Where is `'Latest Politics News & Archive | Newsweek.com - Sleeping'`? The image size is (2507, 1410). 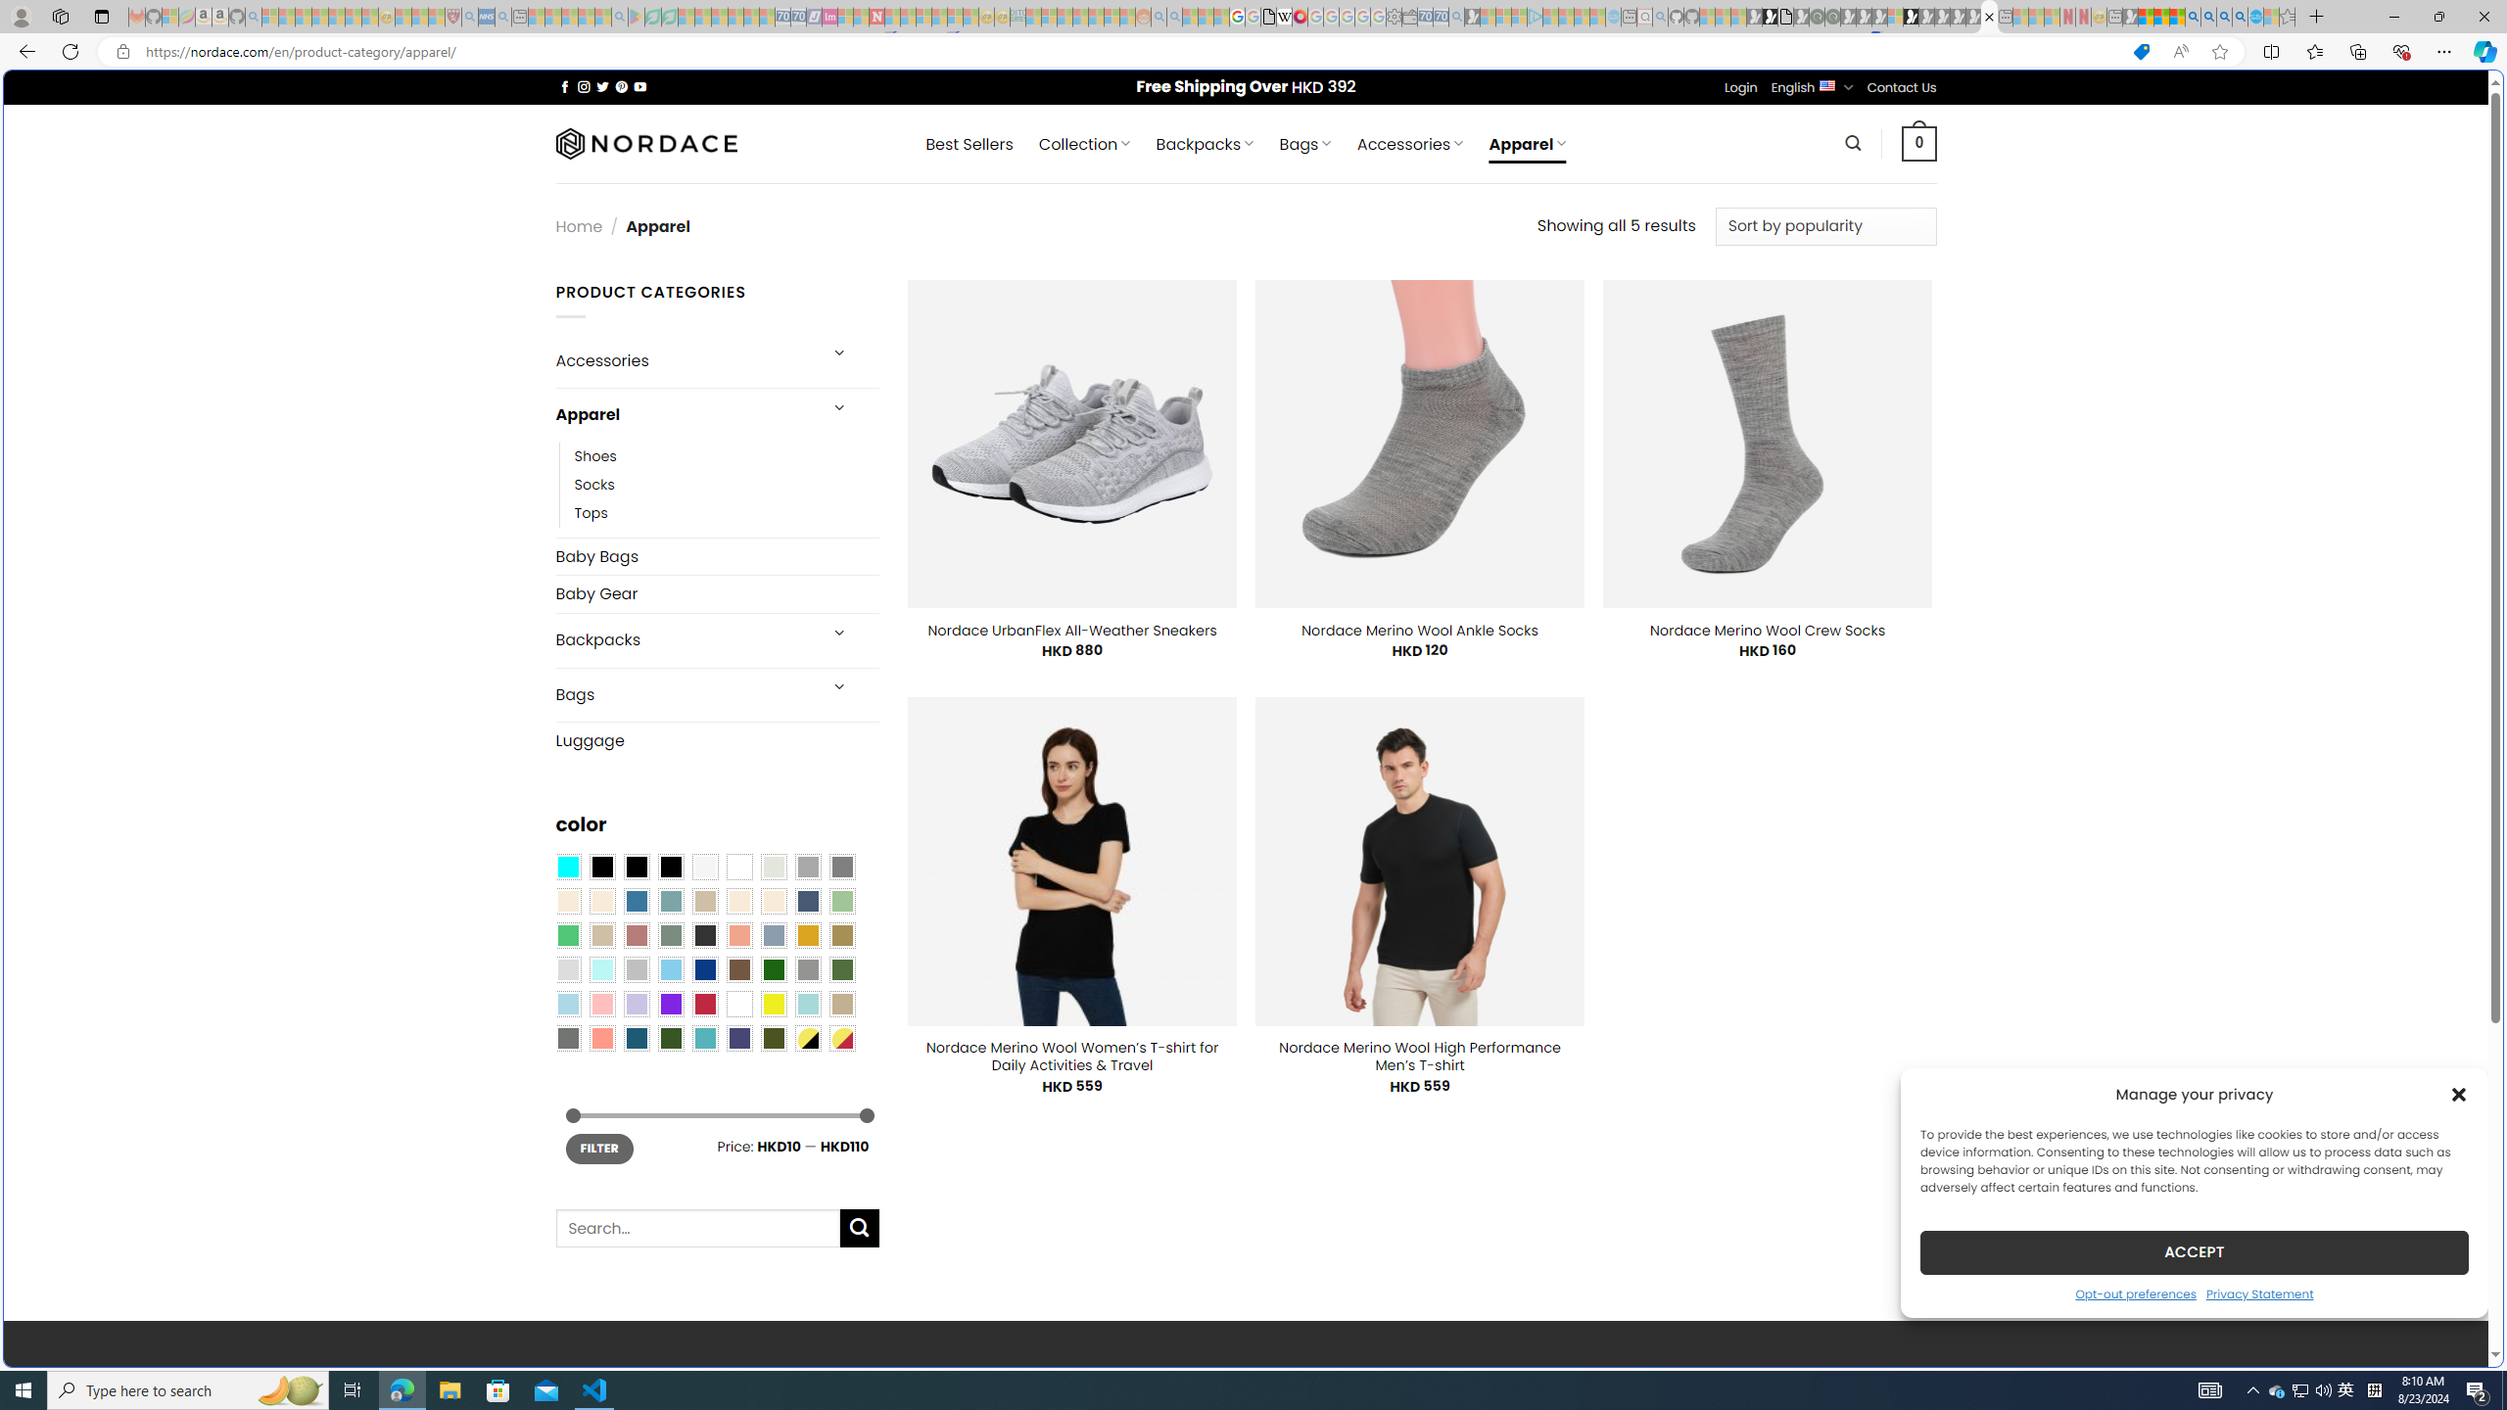
'Latest Politics News & Archive | Newsweek.com - Sleeping' is located at coordinates (875, 16).